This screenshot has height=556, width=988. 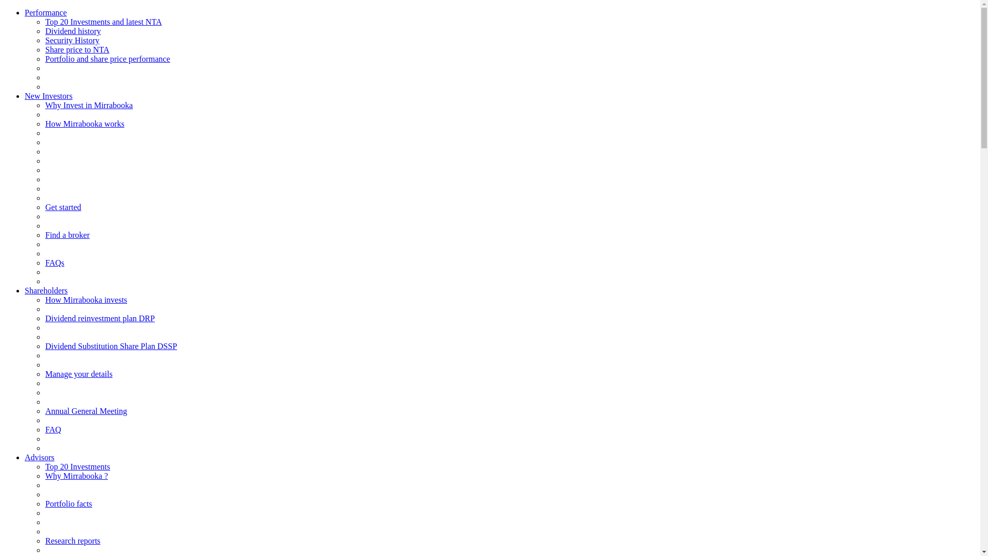 I want to click on 'Annual General Meeting', so click(x=86, y=410).